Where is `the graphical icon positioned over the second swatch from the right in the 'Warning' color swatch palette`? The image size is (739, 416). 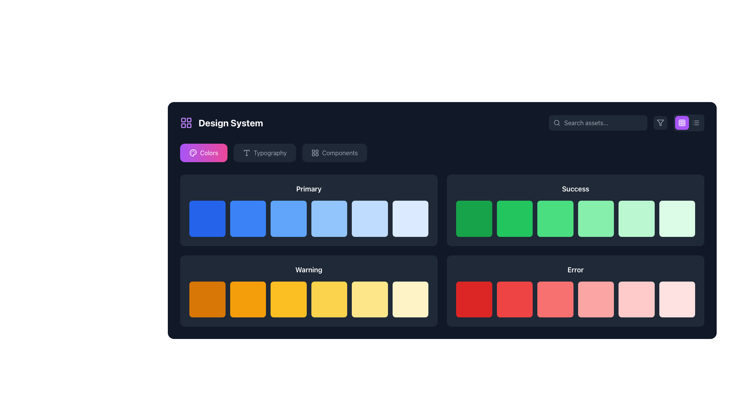
the graphical icon positioned over the second swatch from the right in the 'Warning' color swatch palette is located at coordinates (371, 300).